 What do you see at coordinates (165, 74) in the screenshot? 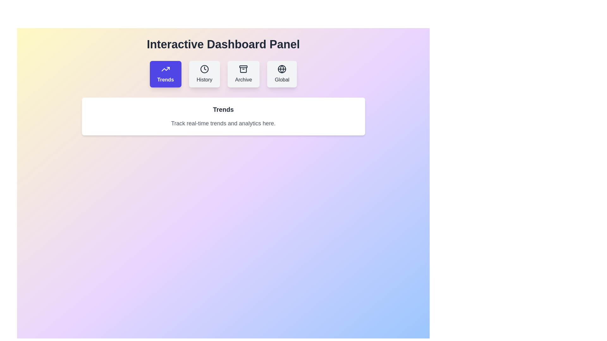
I see `the button labeled Trends to observe its hover effect` at bounding box center [165, 74].